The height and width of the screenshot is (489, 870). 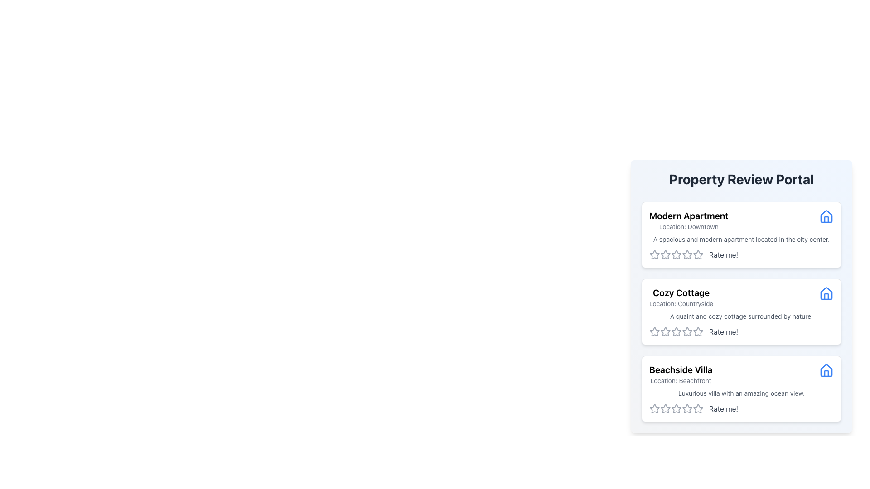 I want to click on the fourth star icon in the horizontal row of rating stars under the 'Rate me!' text for the 'Modern Apartment' section to rate it, so click(x=697, y=254).